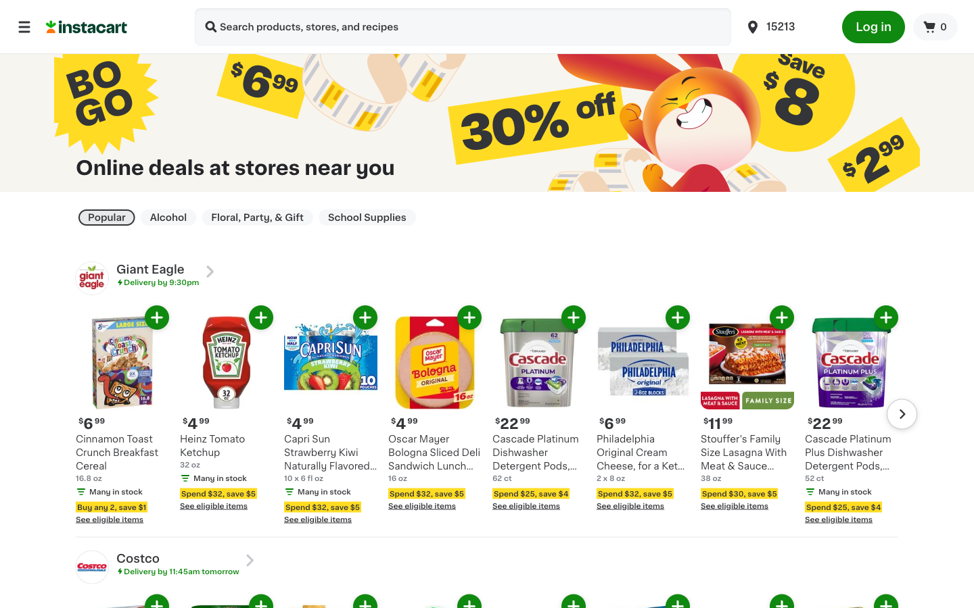 This screenshot has width=974, height=608. I want to click on Bring up all School Supplies products, so click(367, 217).